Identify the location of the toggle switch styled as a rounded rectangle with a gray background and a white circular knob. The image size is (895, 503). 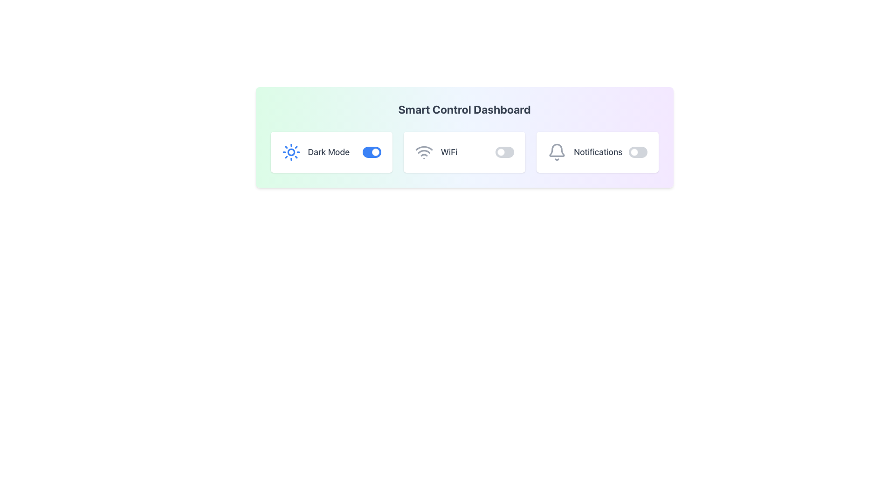
(637, 152).